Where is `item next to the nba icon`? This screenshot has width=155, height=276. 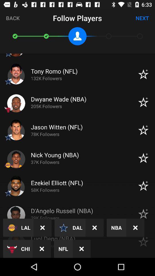 item next to the nba icon is located at coordinates (135, 228).